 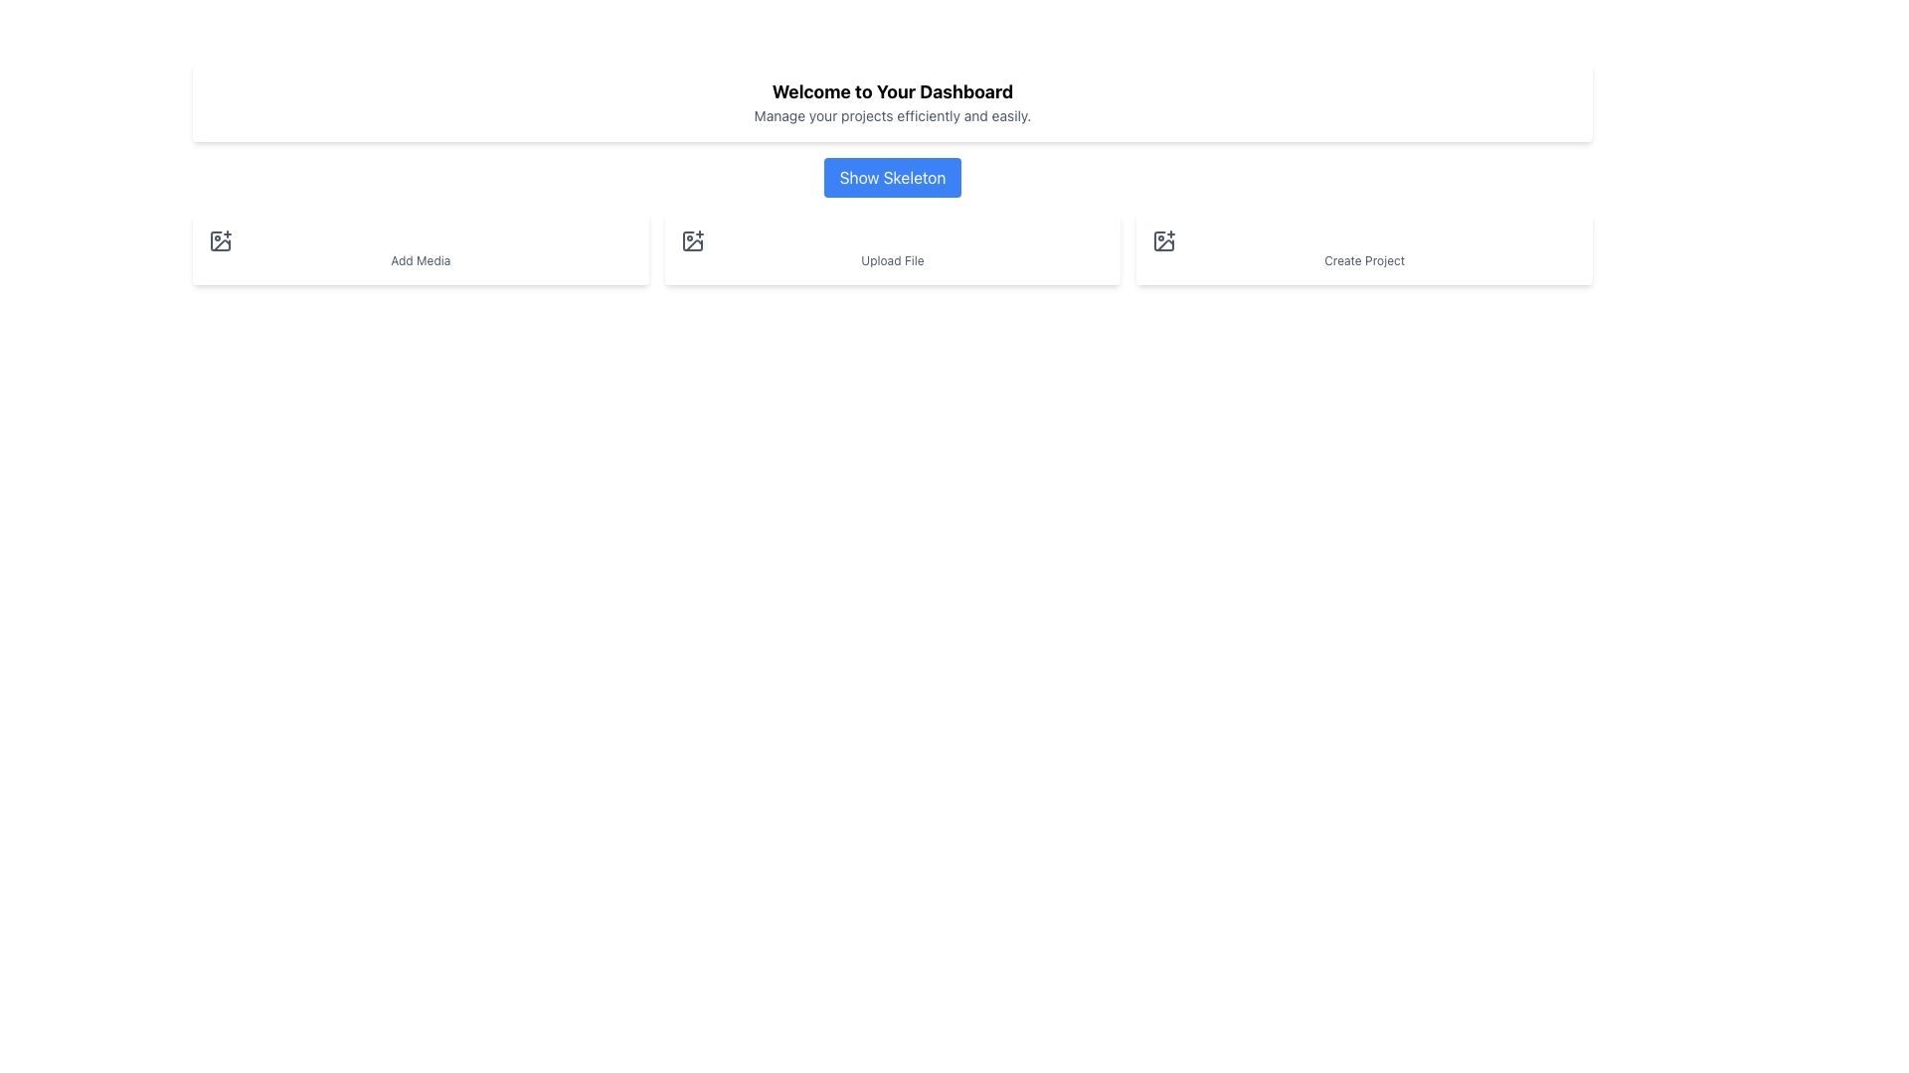 I want to click on the 'add image' icon, which resembles a picture outline with a '+' symbol, located in the top-middle area of the 'Upload File' card for tooltip or visual feedback, so click(x=692, y=240).